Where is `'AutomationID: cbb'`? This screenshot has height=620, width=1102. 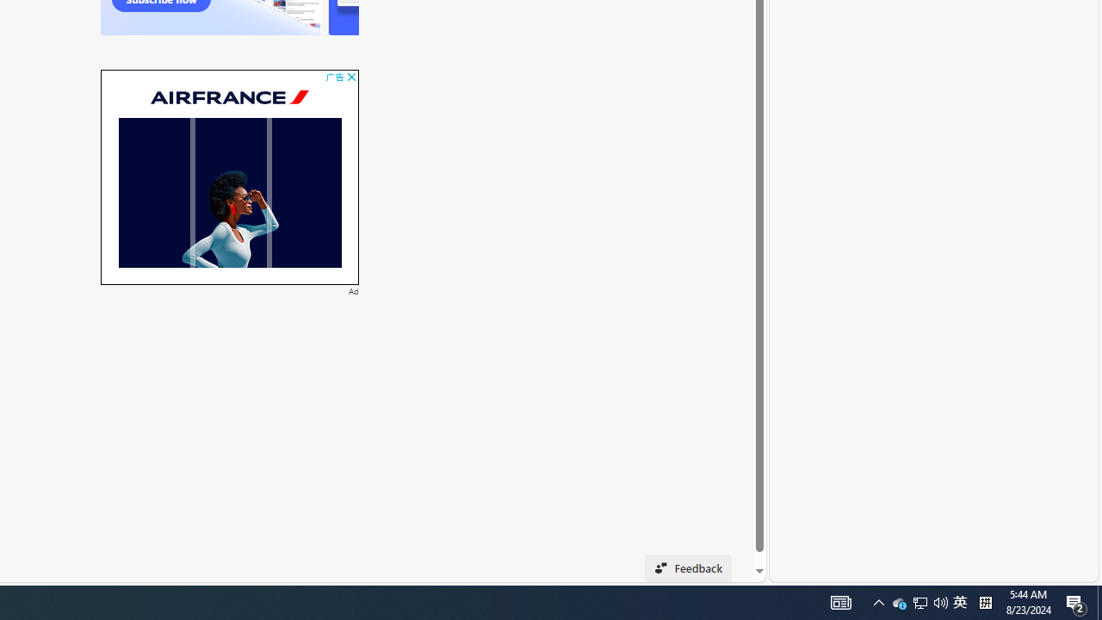
'AutomationID: cbb' is located at coordinates (350, 76).